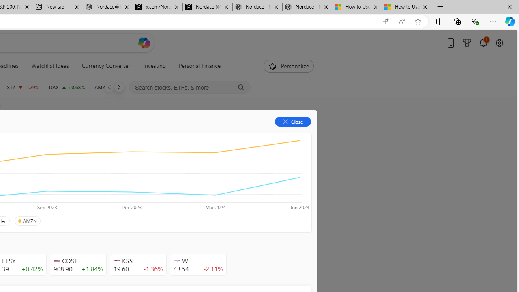  Describe the element at coordinates (402, 21) in the screenshot. I see `'Read aloud this page (Ctrl+Shift+U)'` at that location.